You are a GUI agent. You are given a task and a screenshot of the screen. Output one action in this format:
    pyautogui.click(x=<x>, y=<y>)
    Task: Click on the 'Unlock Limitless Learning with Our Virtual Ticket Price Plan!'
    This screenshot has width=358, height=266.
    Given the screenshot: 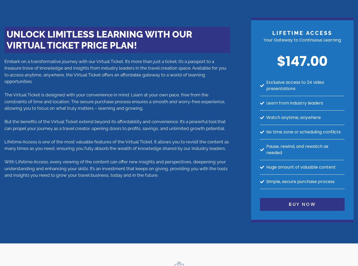 What is the action you would take?
    pyautogui.click(x=6, y=39)
    